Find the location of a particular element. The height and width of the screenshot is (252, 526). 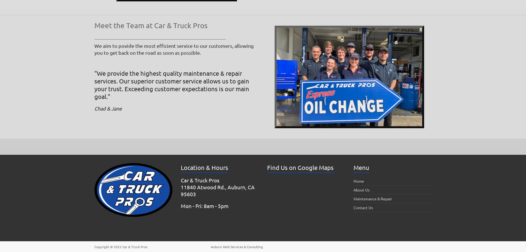

'11840 Atwood Rd., Auburn, CA 95603' is located at coordinates (181, 190).